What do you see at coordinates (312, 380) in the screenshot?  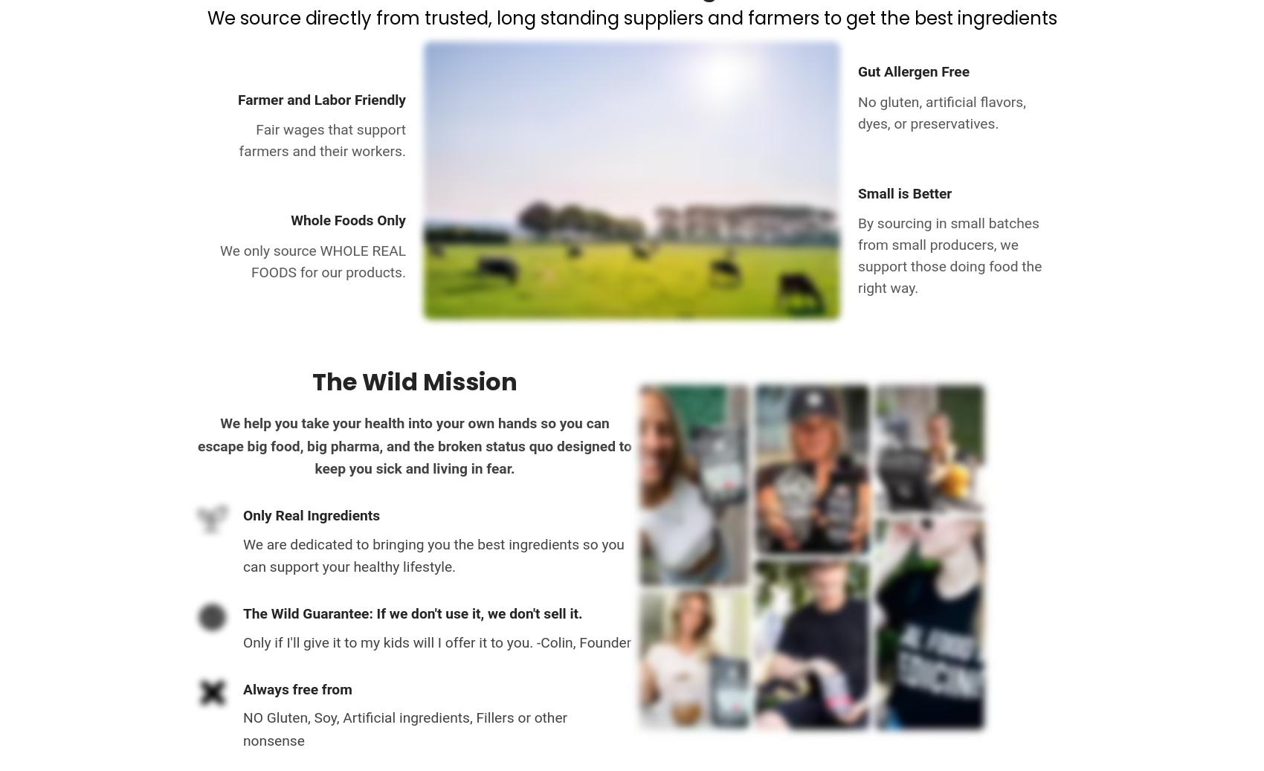 I see `'The Wild Mission'` at bounding box center [312, 380].